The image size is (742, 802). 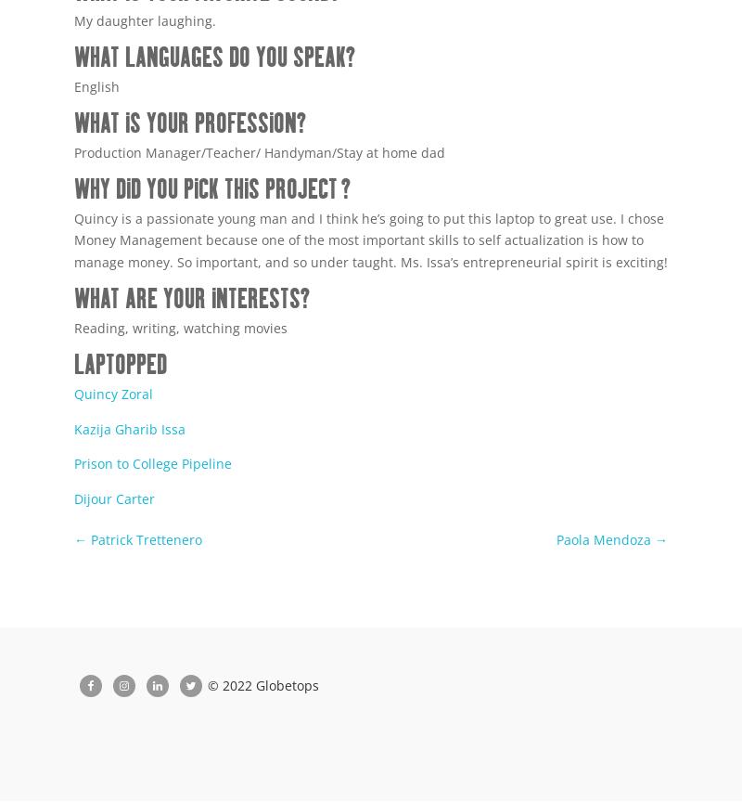 What do you see at coordinates (189, 123) in the screenshot?
I see `'What is your Profession?'` at bounding box center [189, 123].